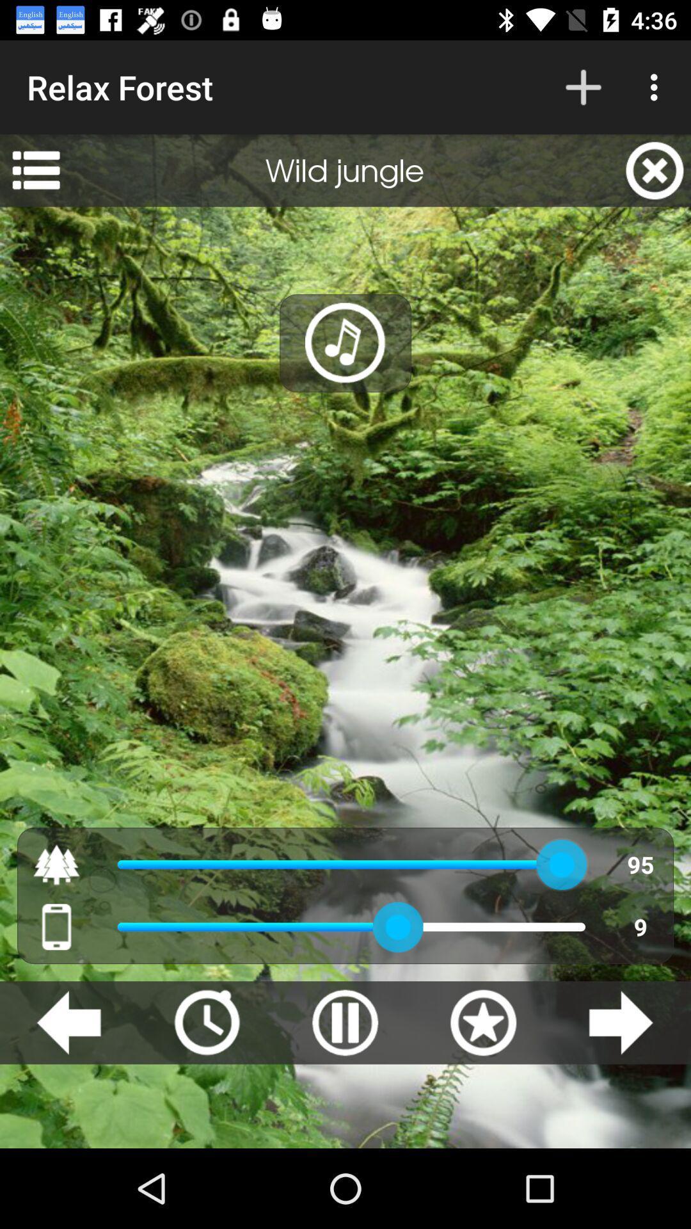 This screenshot has height=1229, width=691. What do you see at coordinates (344, 1022) in the screenshot?
I see `the pause icon` at bounding box center [344, 1022].